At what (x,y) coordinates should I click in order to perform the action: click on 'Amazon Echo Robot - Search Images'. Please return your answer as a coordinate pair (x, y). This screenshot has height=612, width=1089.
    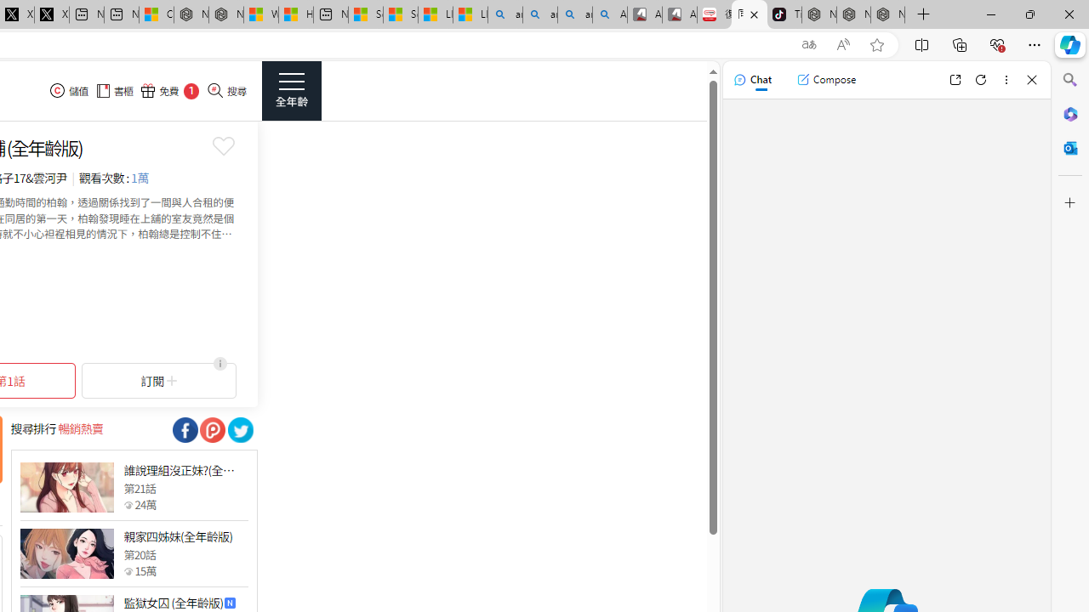
    Looking at the image, I should click on (610, 14).